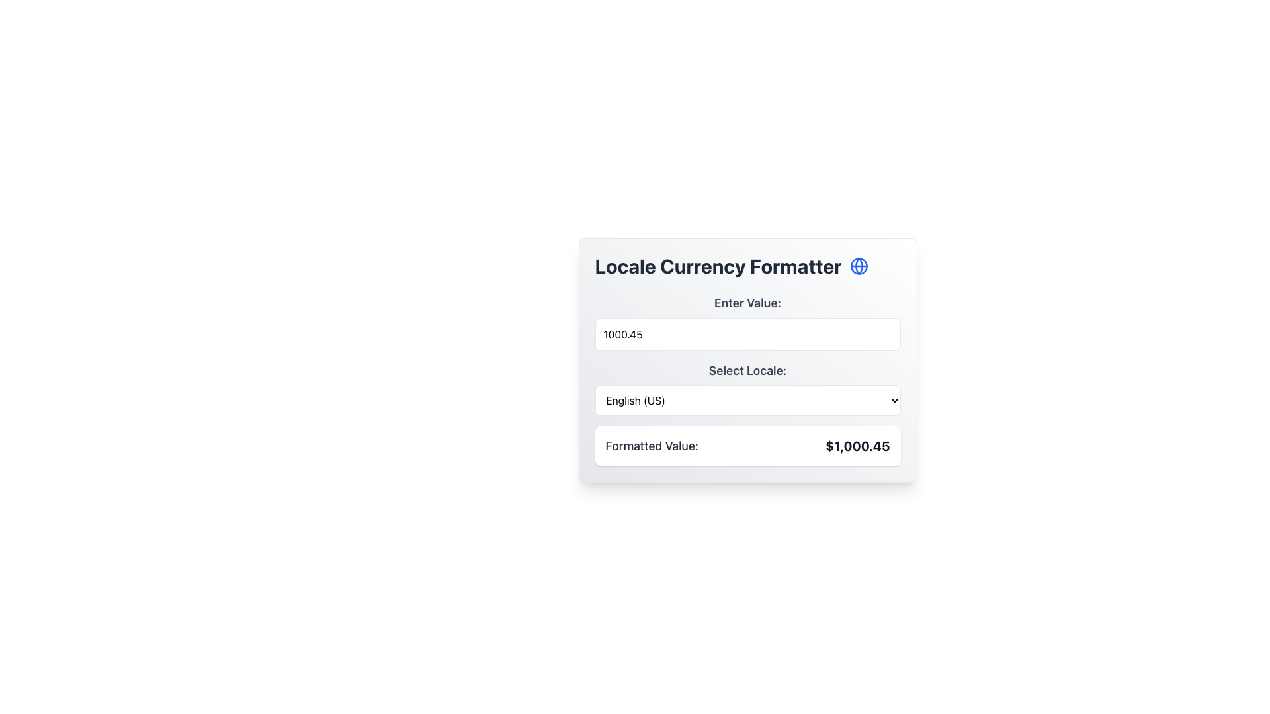 This screenshot has height=714, width=1270. I want to click on the globe icon with a circular outline that is located next to the title 'Locale Currency Formatter', so click(859, 266).